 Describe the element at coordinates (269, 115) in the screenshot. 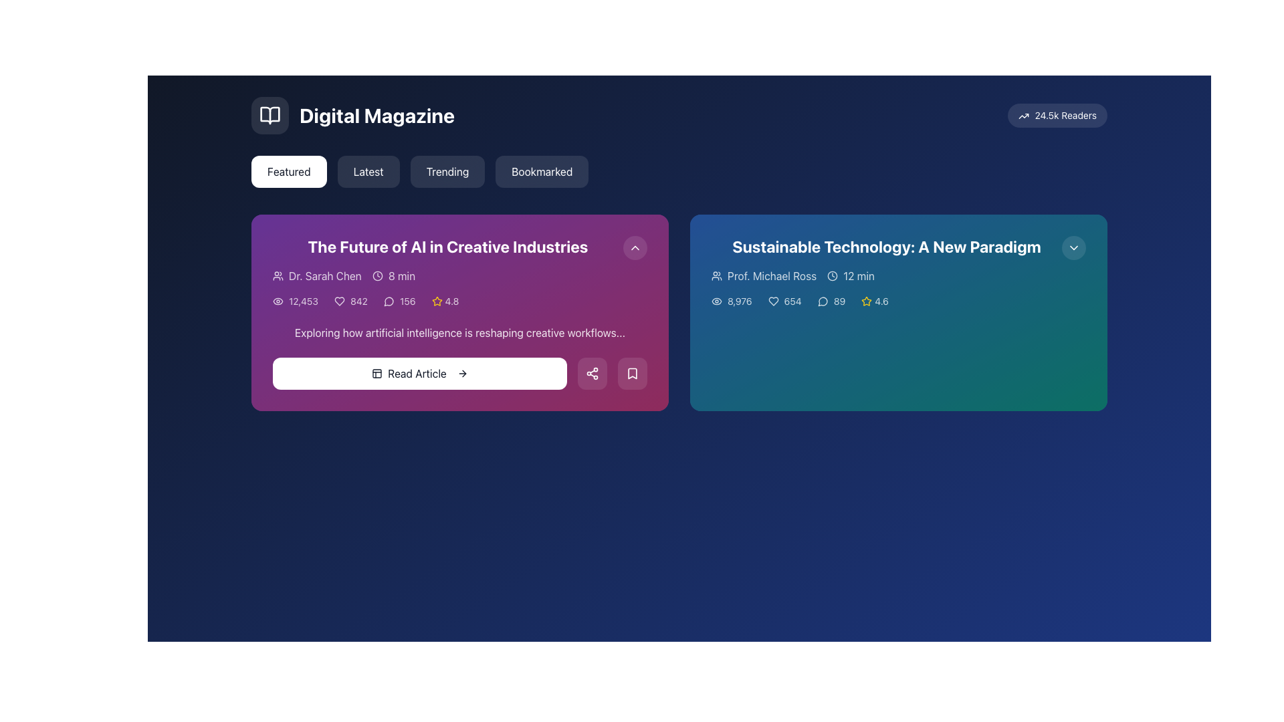

I see `the icon located in the upper-left corner of the interface, adjacent to the 'Digital Magazine' text` at that location.